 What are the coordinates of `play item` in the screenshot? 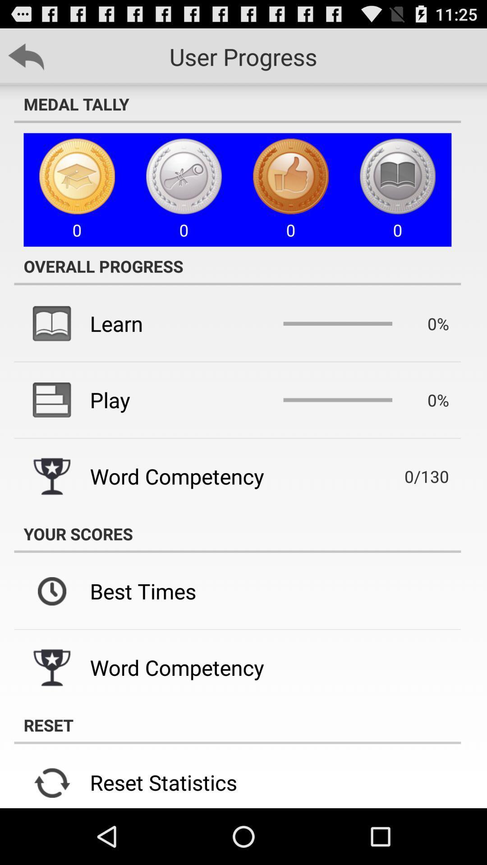 It's located at (110, 399).